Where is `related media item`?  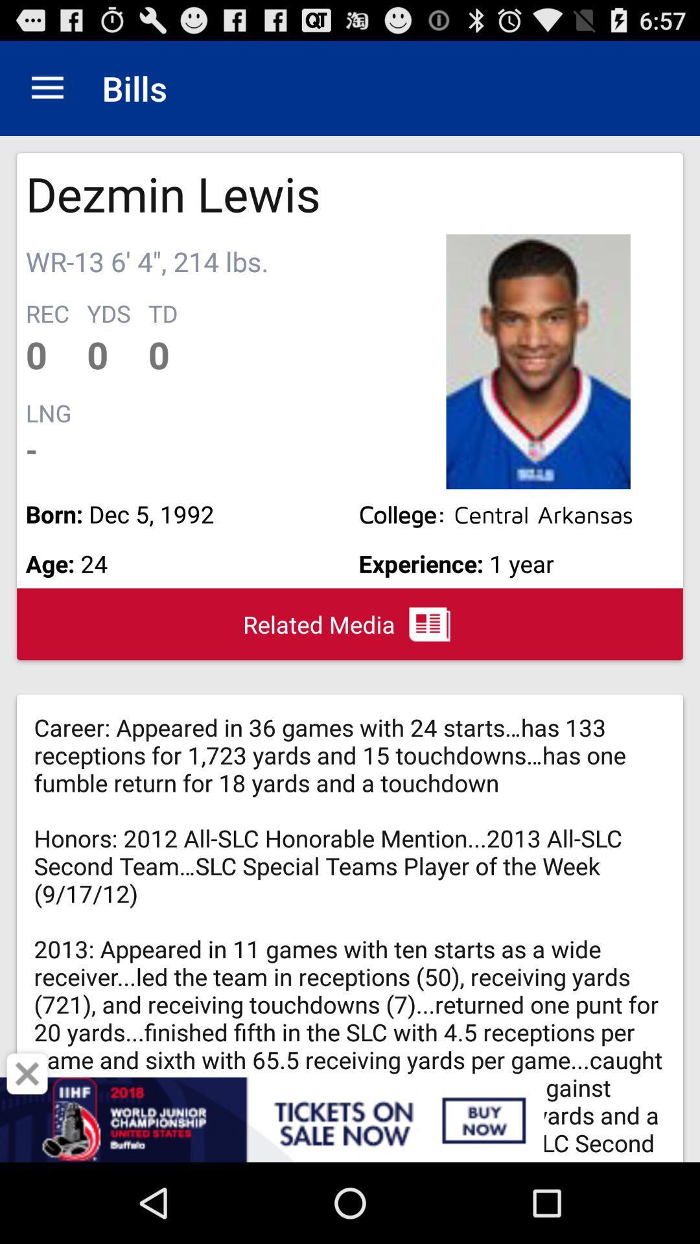
related media item is located at coordinates (350, 624).